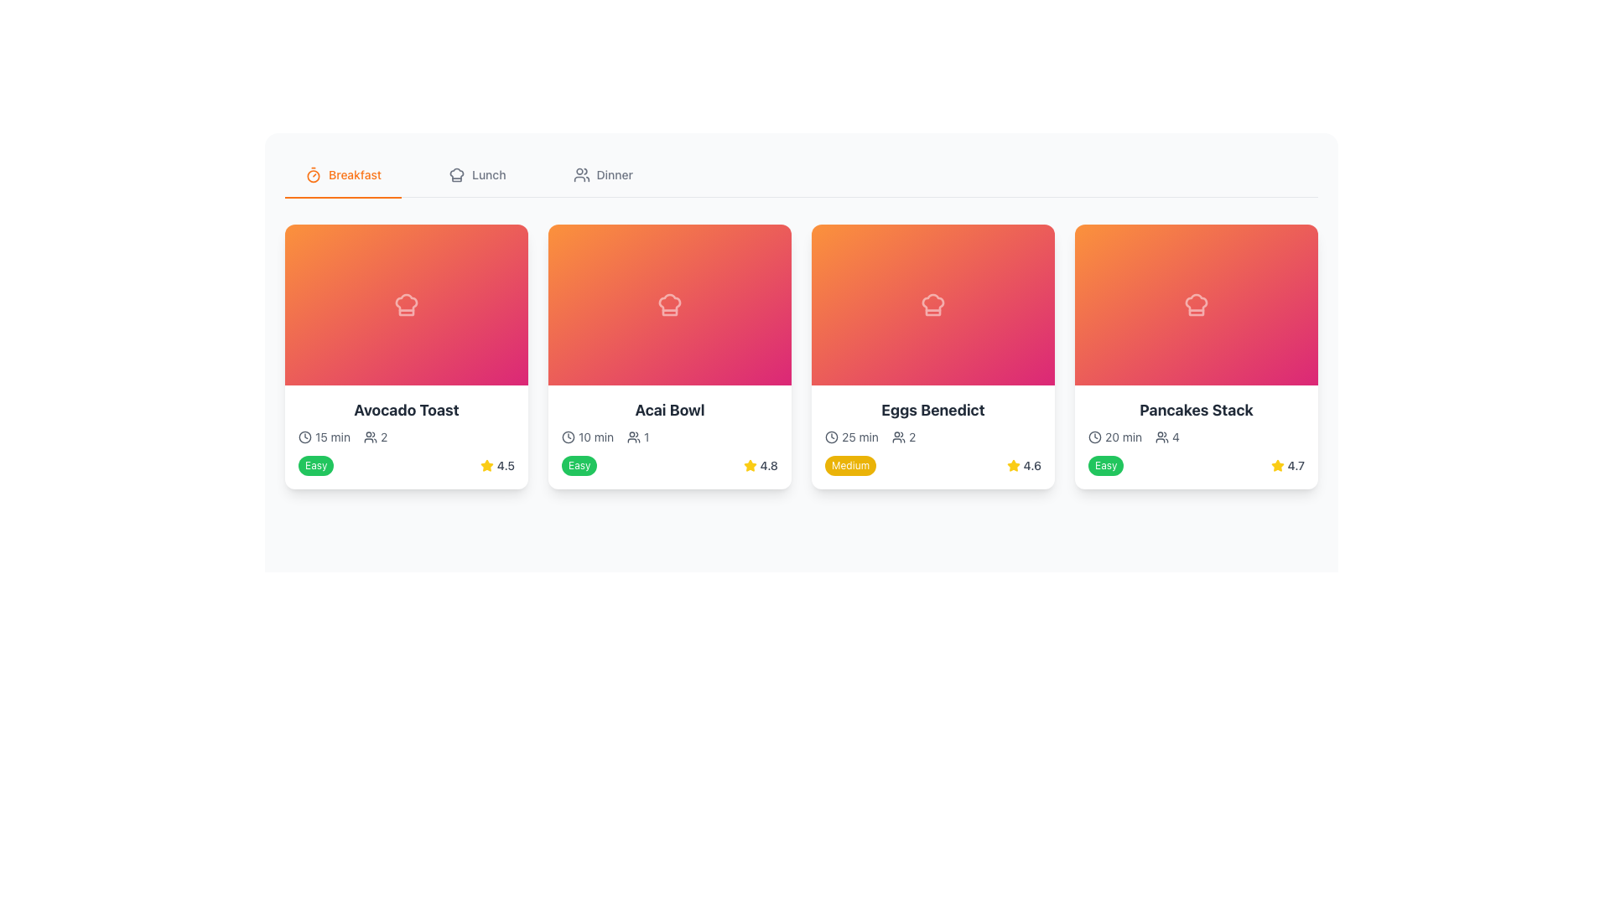 The width and height of the screenshot is (1610, 905). I want to click on the Decorative block with icon representing 'Avocado Toast' at the top-left corner of the grid layout, so click(406, 304).